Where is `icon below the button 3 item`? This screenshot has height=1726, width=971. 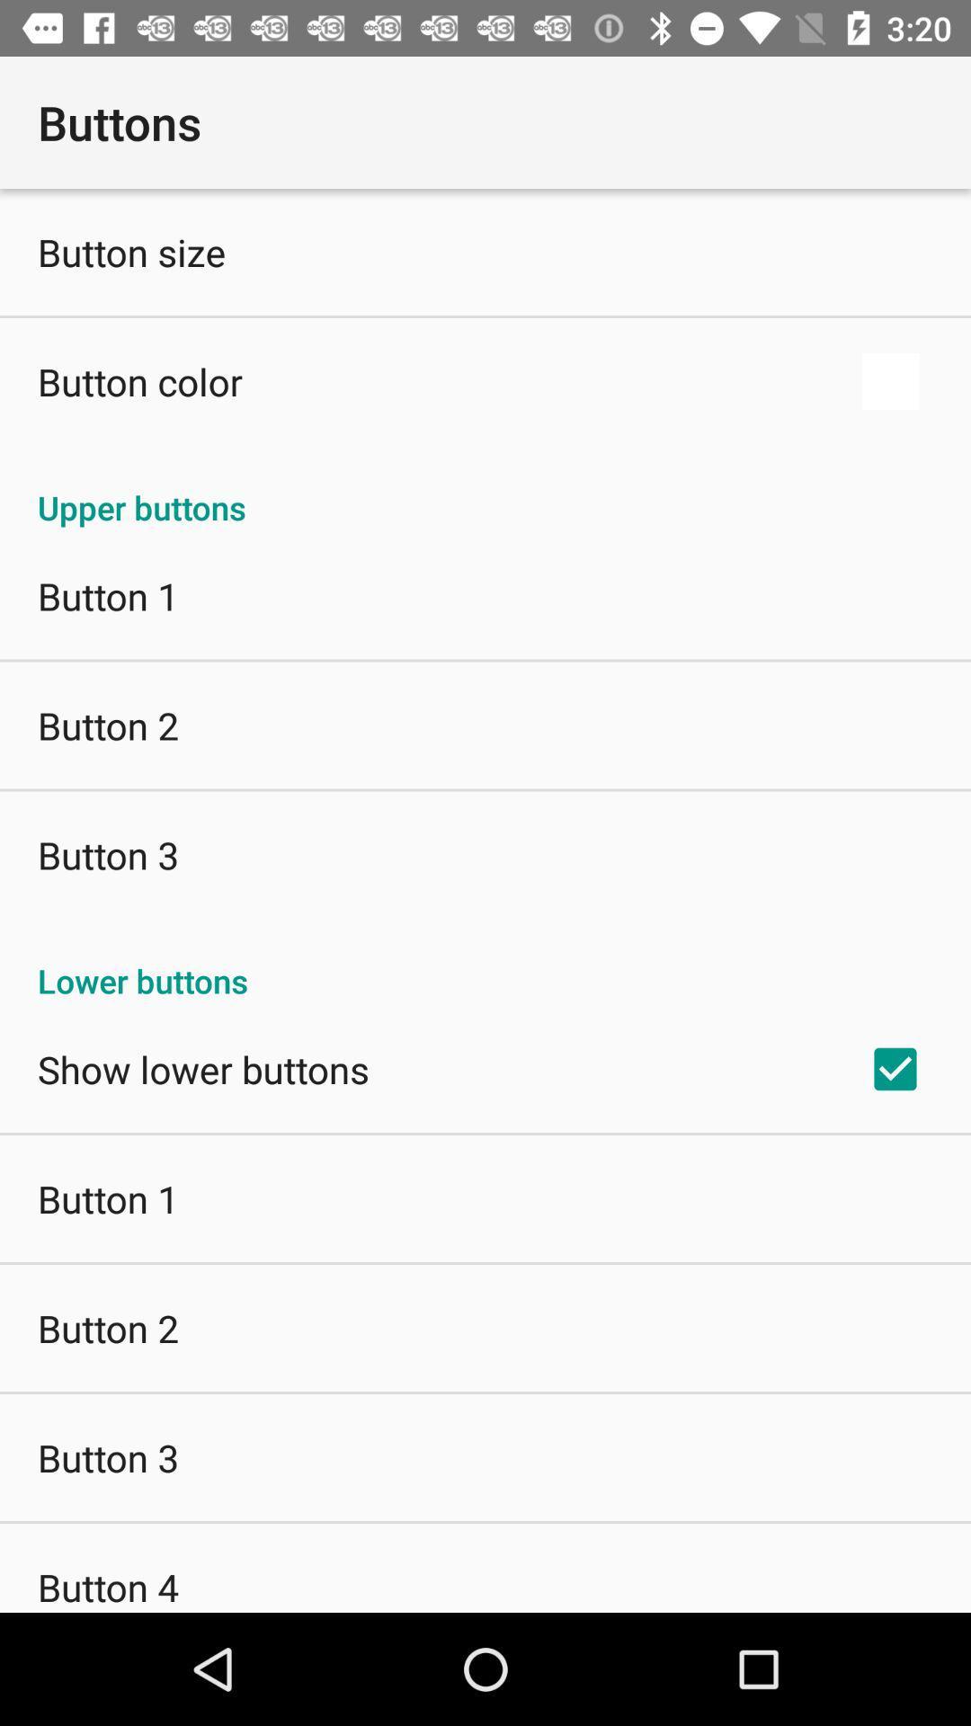
icon below the button 3 item is located at coordinates (108, 1587).